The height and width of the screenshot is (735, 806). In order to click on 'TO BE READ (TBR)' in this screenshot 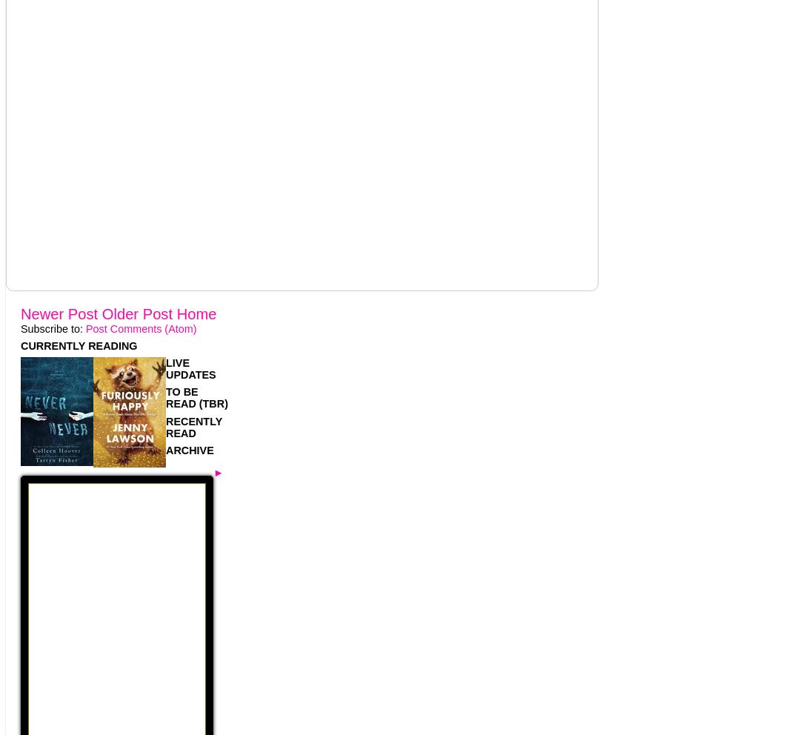, I will do `click(196, 396)`.